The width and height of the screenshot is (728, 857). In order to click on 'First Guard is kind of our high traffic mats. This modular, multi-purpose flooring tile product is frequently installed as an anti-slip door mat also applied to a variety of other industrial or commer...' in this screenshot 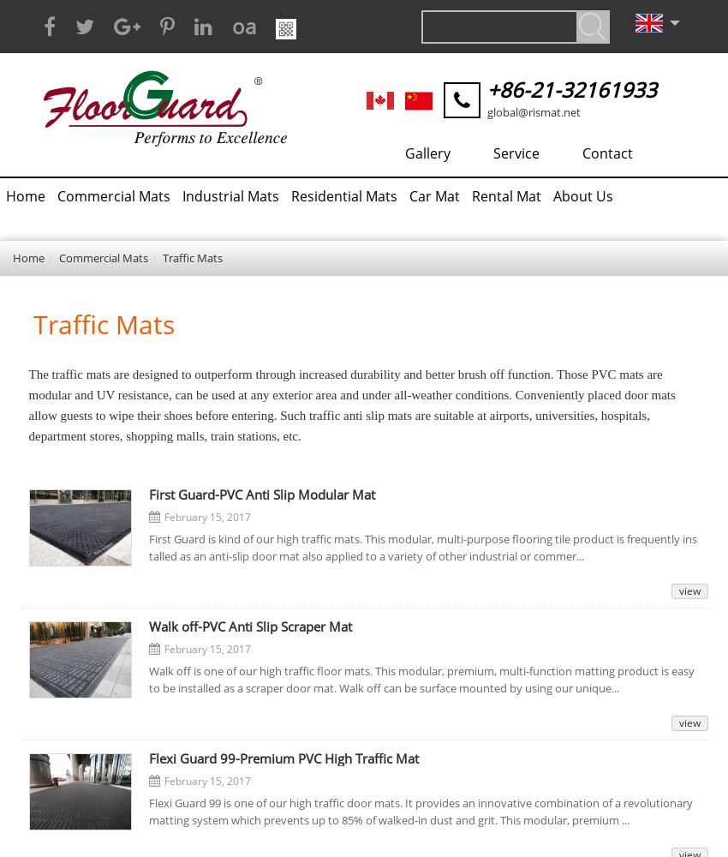, I will do `click(146, 547)`.